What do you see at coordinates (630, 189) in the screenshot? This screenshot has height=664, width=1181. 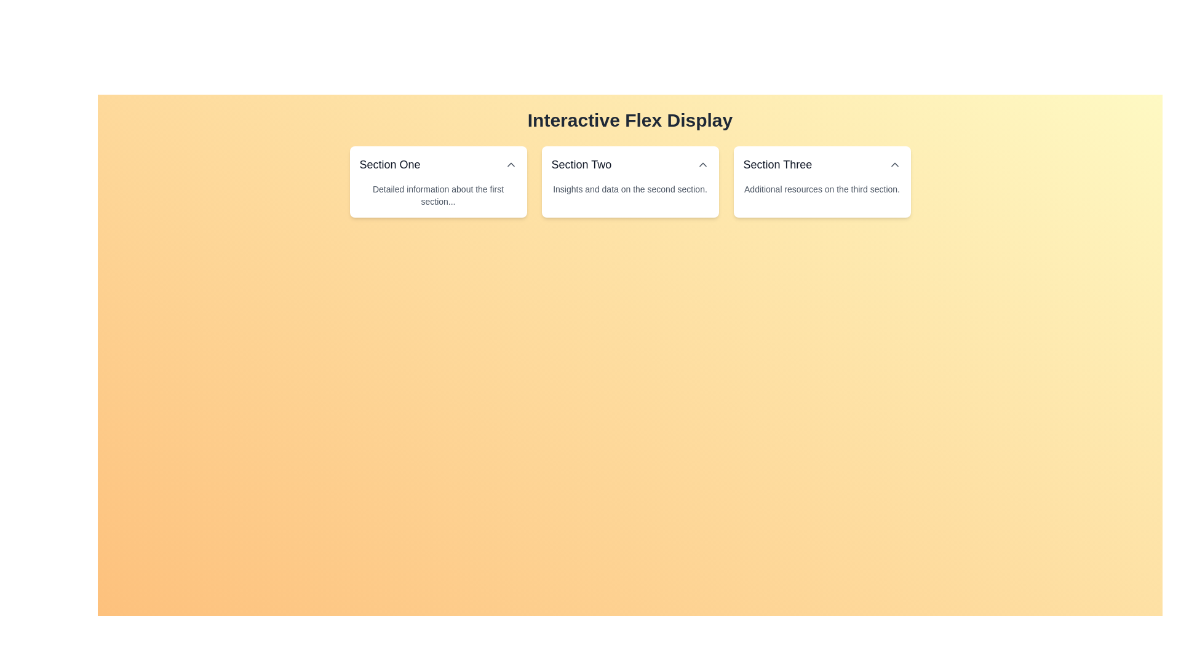 I see `the text content displaying 'Insights and data on the second section.' located beneath the title 'Section Two' in the second card of the three horizontally aligned cards` at bounding box center [630, 189].